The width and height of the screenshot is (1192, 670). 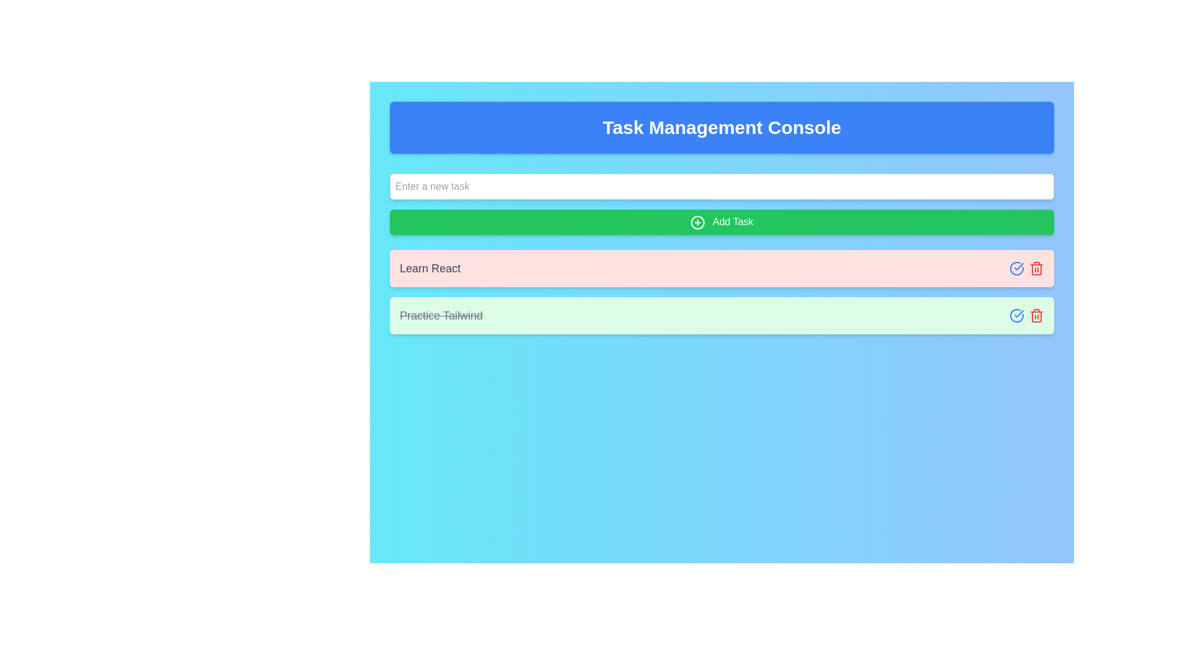 I want to click on the body of the trash can icon, which is part of the task management item for 'Learn React', to invoke the delete action, so click(x=1037, y=269).